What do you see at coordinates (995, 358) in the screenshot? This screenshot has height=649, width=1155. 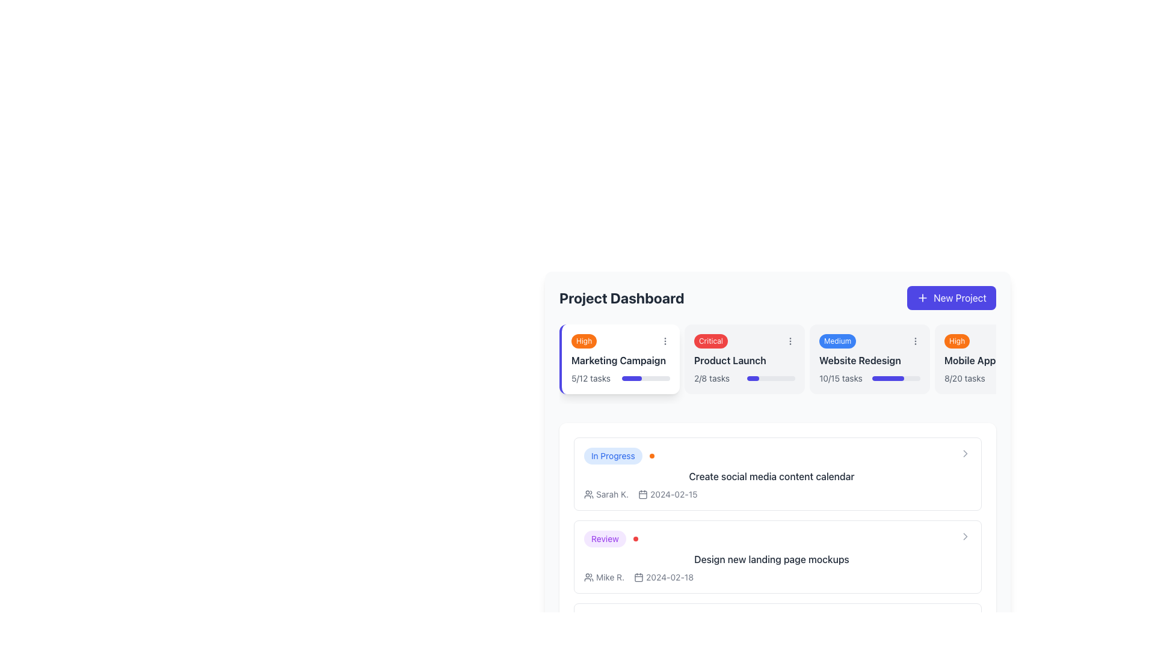 I see `the 'Mobile App' card component, which has a light gray background, rounded corners, and features the label 'High' in an orange badge` at bounding box center [995, 358].